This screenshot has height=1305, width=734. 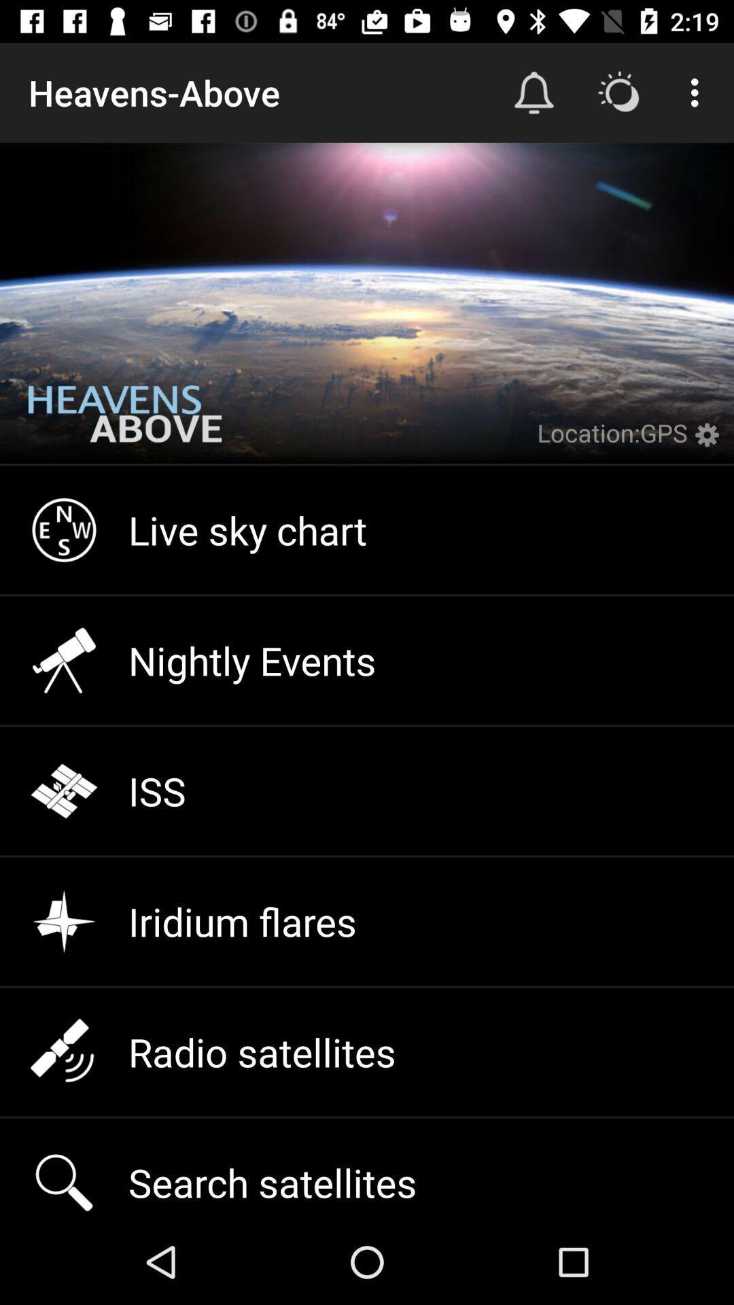 What do you see at coordinates (710, 443) in the screenshot?
I see `settings button` at bounding box center [710, 443].